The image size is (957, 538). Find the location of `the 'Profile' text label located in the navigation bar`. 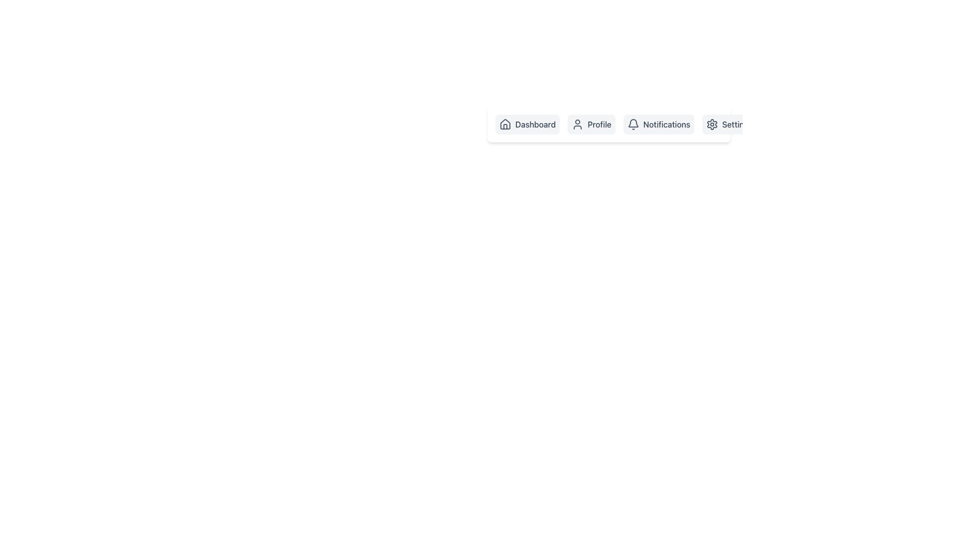

the 'Profile' text label located in the navigation bar is located at coordinates (599, 124).